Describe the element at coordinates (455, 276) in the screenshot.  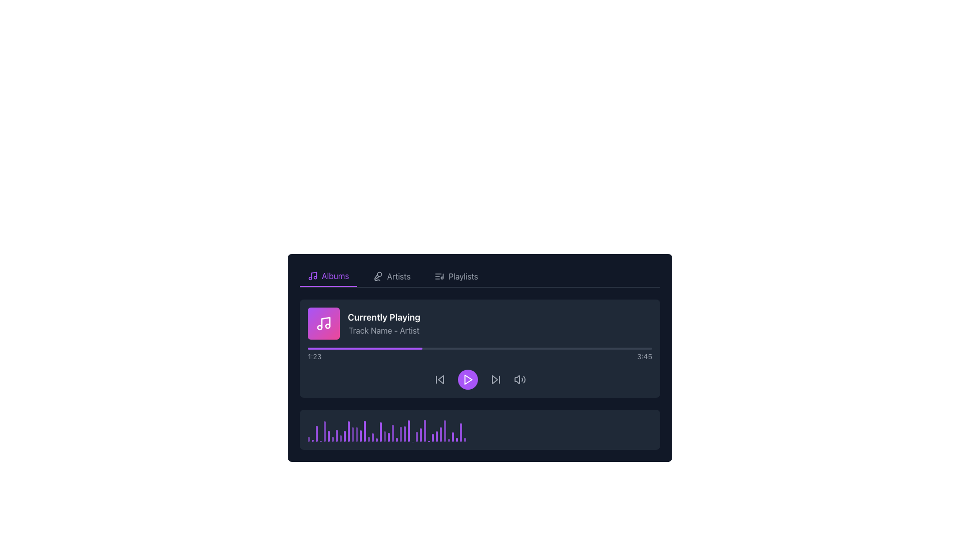
I see `the navigation button labeled for playlists, which is the third item` at that location.